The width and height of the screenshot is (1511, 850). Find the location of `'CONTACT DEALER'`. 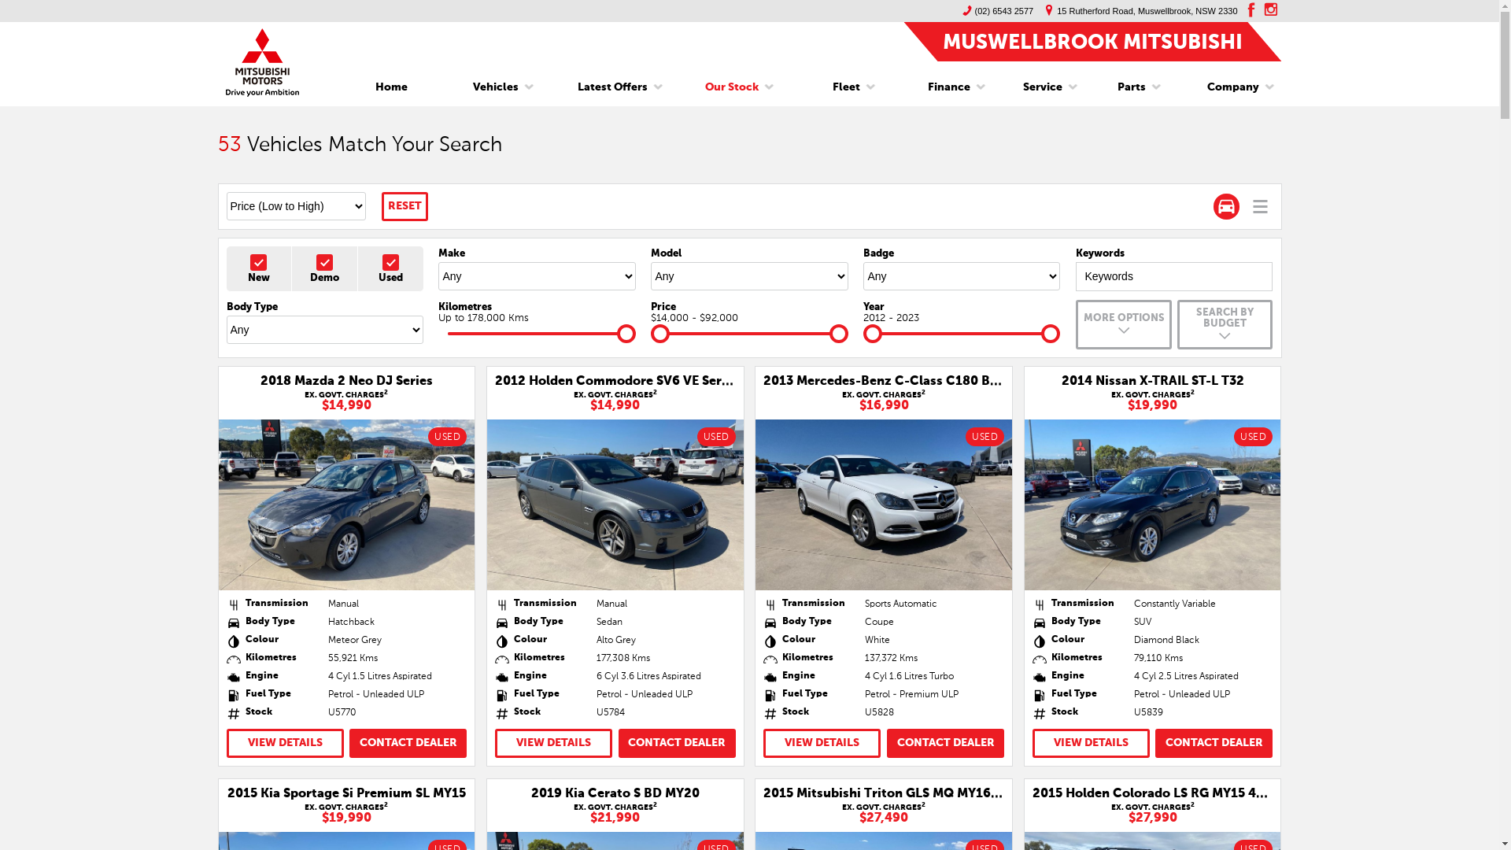

'CONTACT DEALER' is located at coordinates (408, 743).